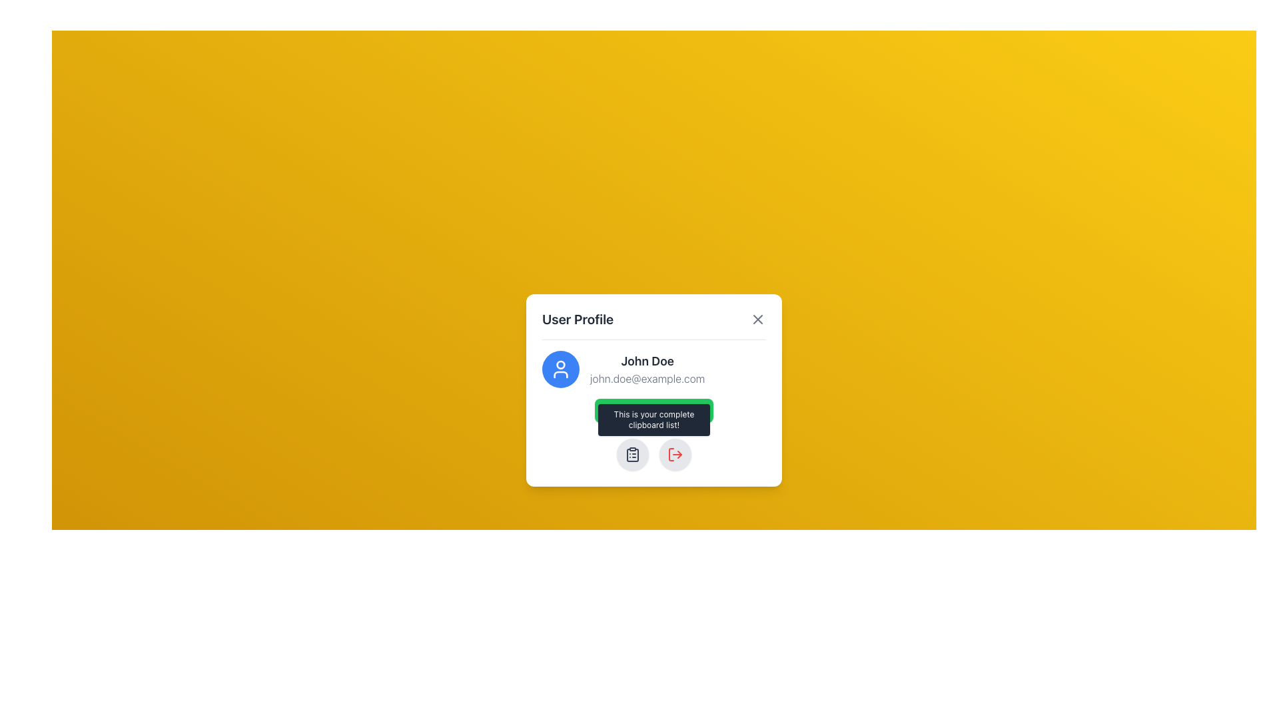 The image size is (1279, 719). What do you see at coordinates (632, 453) in the screenshot?
I see `the clipboard list button located at the bottom center of the profile card` at bounding box center [632, 453].